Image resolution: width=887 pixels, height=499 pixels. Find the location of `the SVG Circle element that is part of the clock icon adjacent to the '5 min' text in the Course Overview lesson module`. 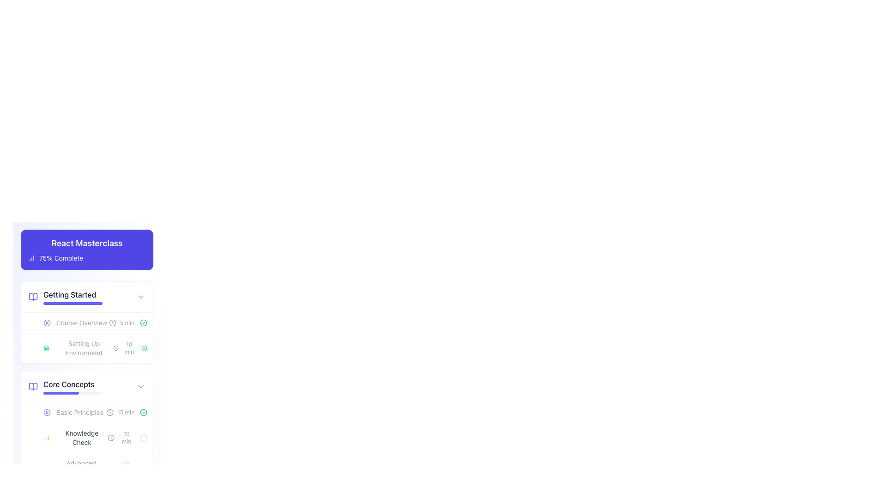

the SVG Circle element that is part of the clock icon adjacent to the '5 min' text in the Course Overview lesson module is located at coordinates (112, 322).